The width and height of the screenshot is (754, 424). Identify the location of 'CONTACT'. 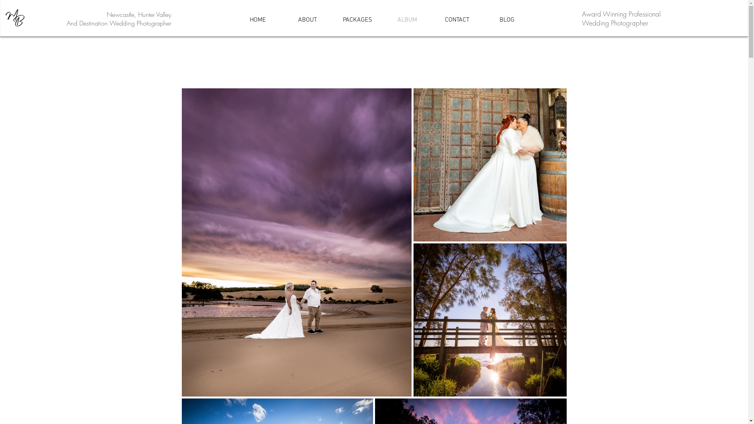
(431, 20).